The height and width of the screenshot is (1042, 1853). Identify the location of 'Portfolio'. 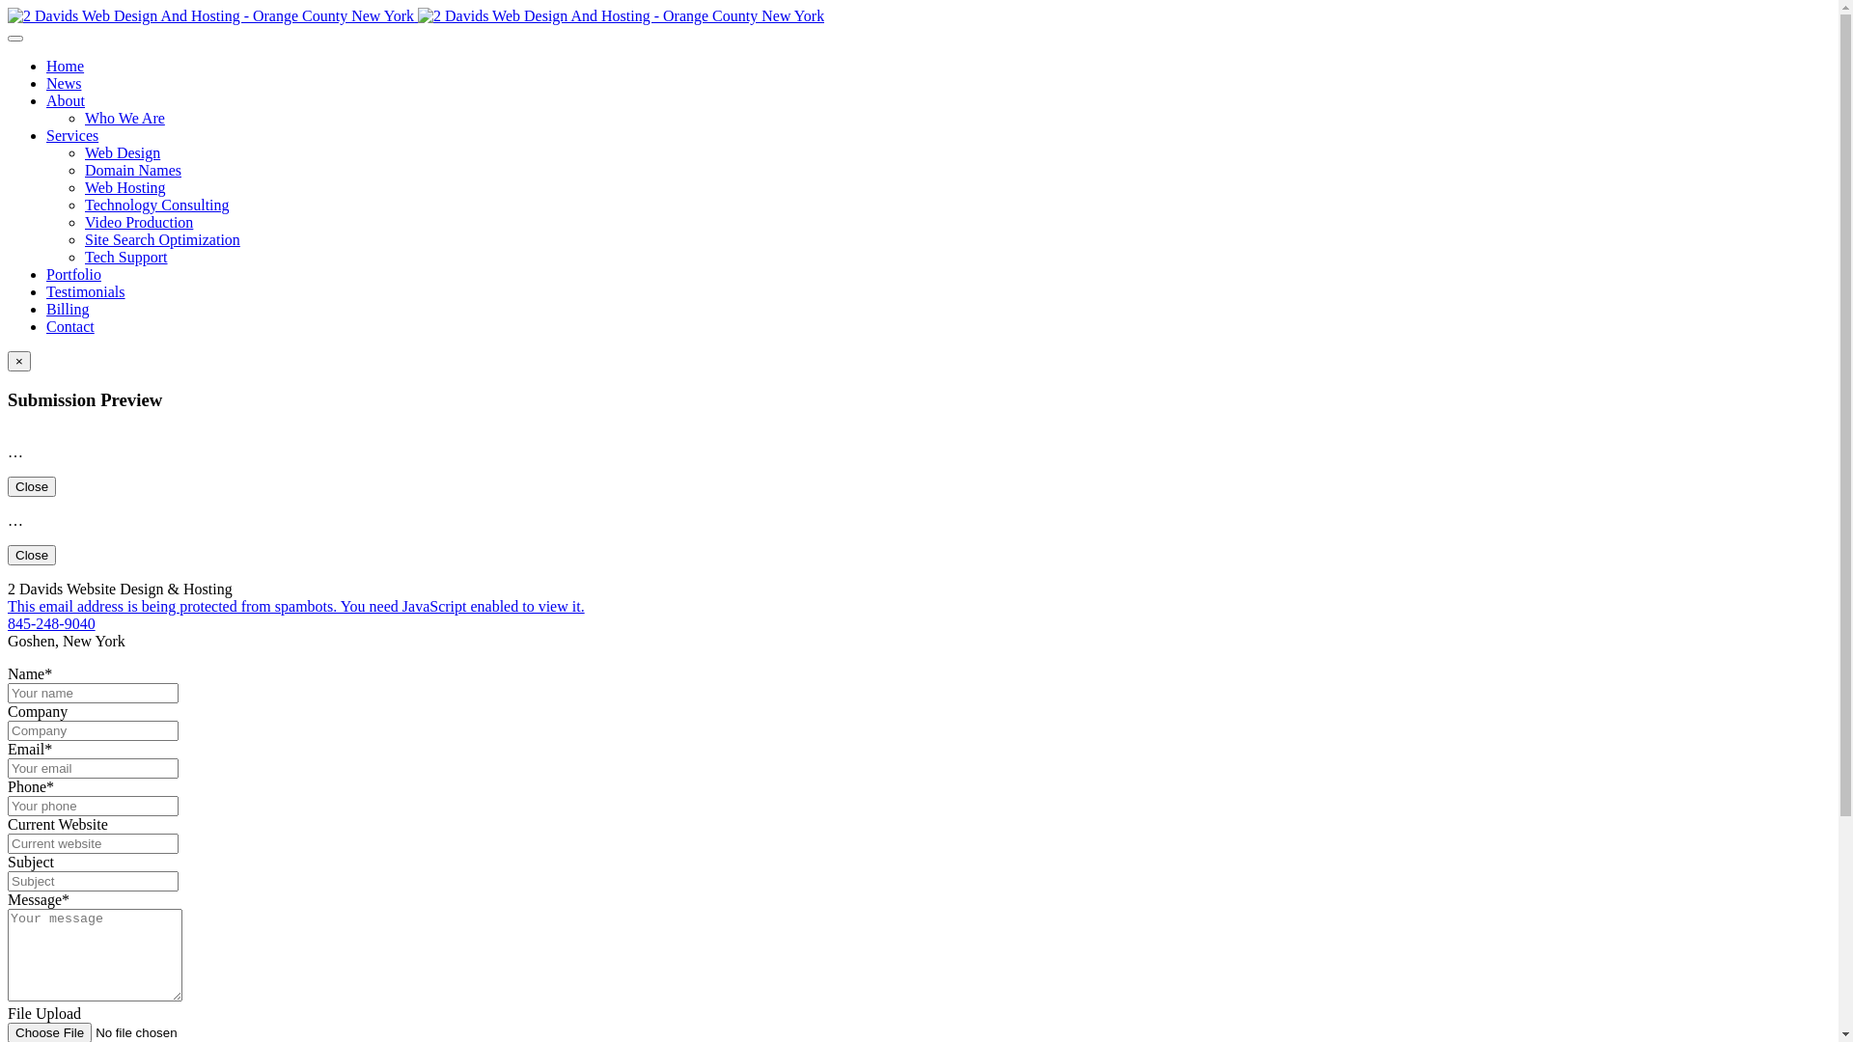
(73, 274).